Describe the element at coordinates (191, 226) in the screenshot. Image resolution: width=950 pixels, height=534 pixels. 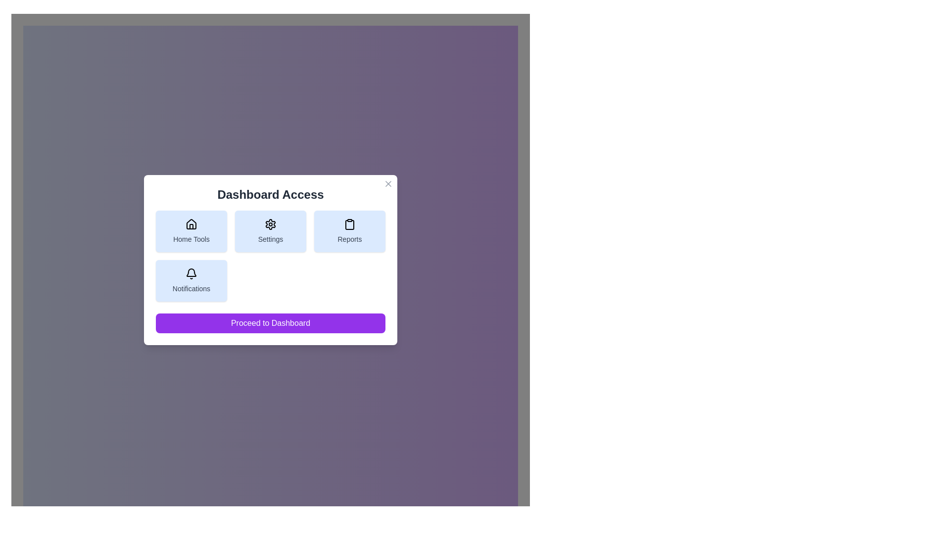
I see `the door component of the house icon within the 'Home Tools' button located at the upper left side of the dialog box` at that location.